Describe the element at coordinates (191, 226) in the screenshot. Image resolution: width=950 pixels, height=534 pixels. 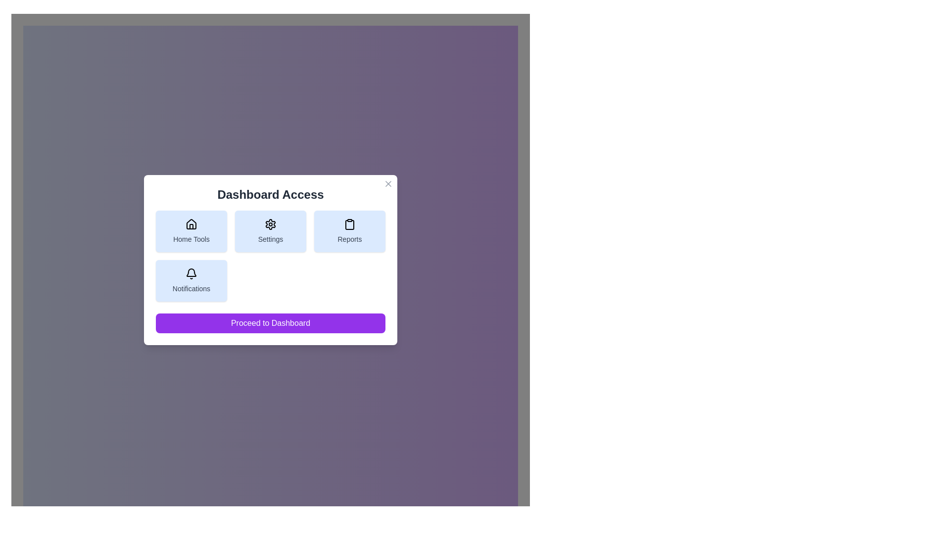
I see `the door component of the house icon within the 'Home Tools' button located at the upper left side of the dialog box` at that location.